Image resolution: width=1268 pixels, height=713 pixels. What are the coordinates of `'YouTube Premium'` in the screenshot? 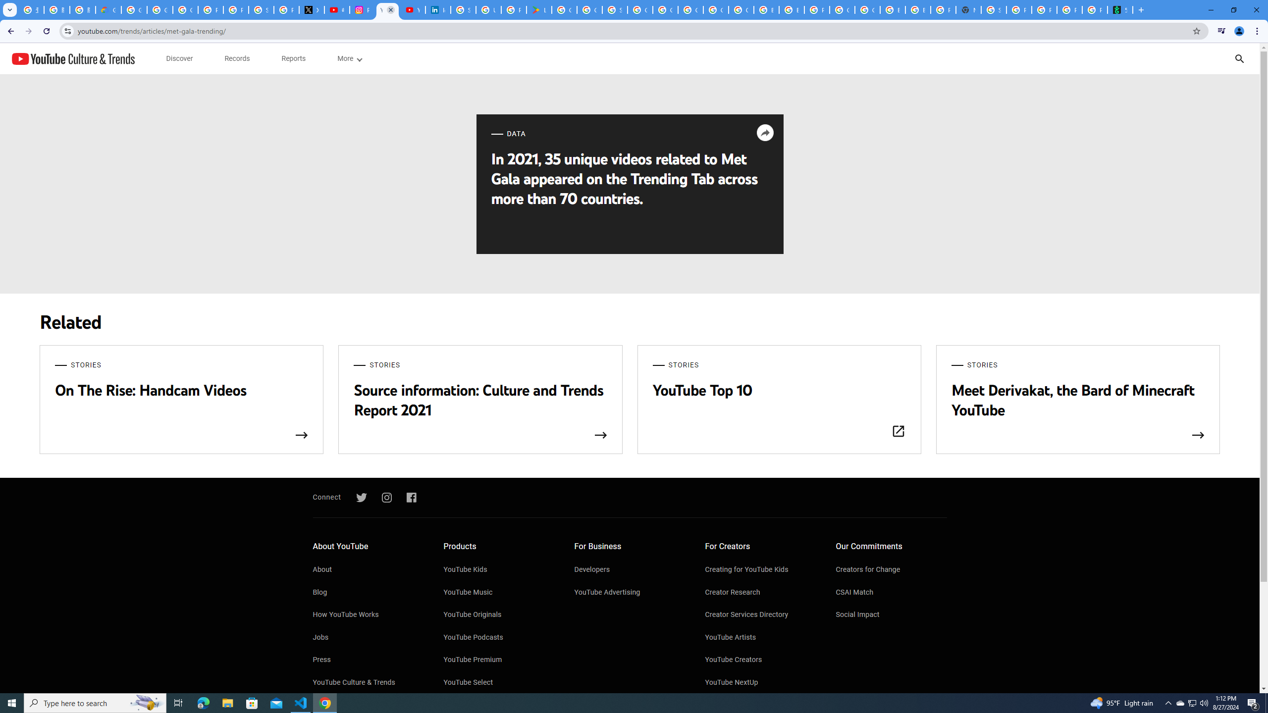 It's located at (499, 660).